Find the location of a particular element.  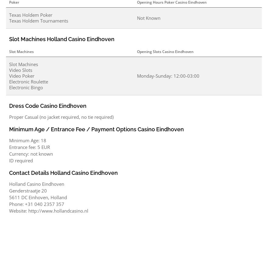

'Contact Details Holland Casino Eindhoven' is located at coordinates (63, 172).